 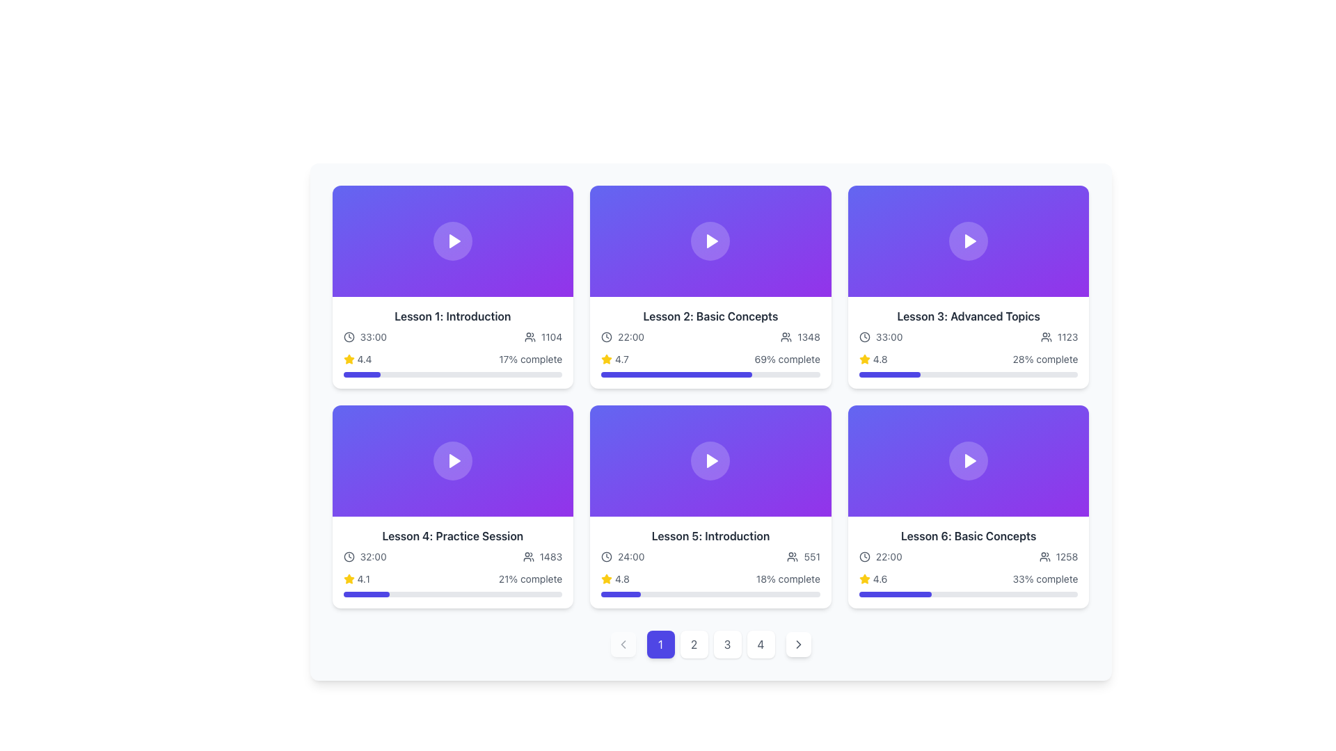 I want to click on the text label displaying '69% complete' in gray font, located in the second card of 'Lesson 2: Basic Concepts', so click(x=787, y=358).